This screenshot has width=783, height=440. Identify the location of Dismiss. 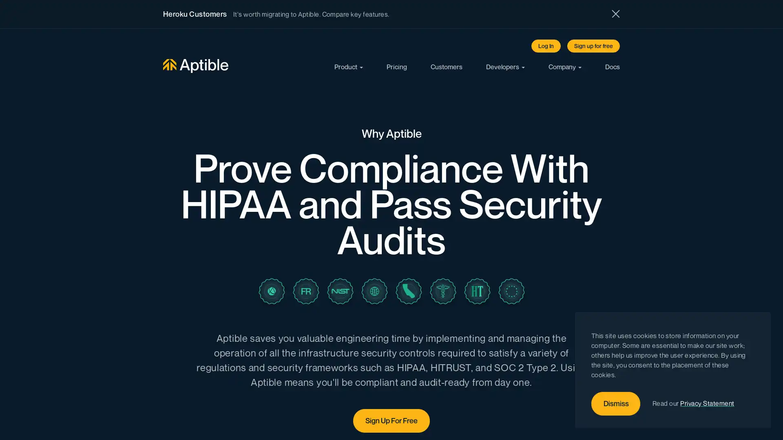
(616, 404).